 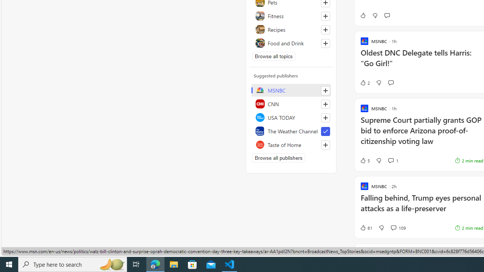 What do you see at coordinates (278, 157) in the screenshot?
I see `'Browse all publishers'` at bounding box center [278, 157].